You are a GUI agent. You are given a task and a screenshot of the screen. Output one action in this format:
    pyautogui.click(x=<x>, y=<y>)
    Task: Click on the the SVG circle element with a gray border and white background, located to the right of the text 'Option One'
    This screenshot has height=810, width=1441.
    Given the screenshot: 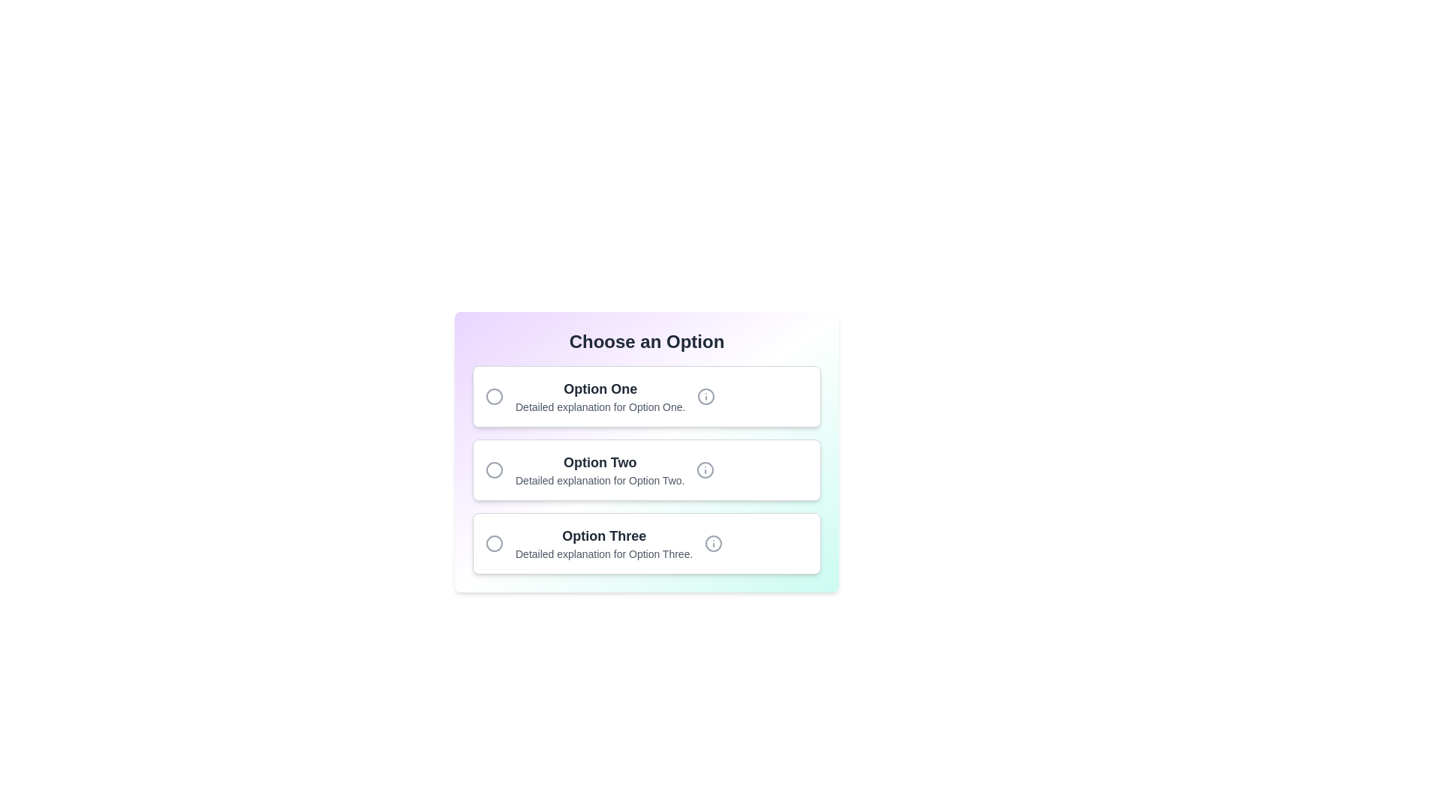 What is the action you would take?
    pyautogui.click(x=705, y=395)
    